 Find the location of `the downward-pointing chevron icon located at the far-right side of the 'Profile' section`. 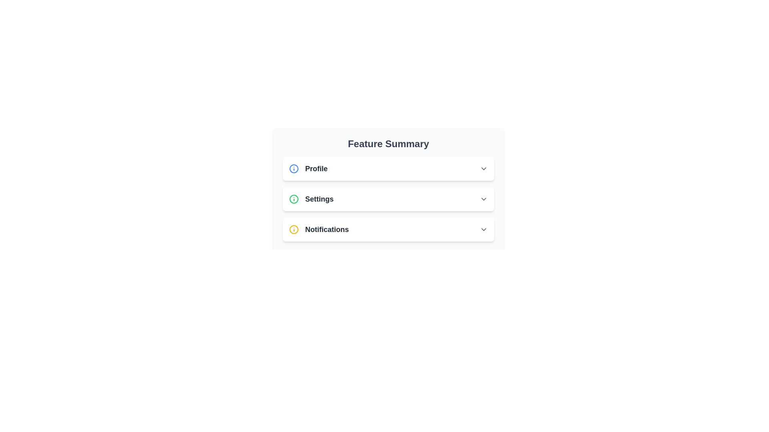

the downward-pointing chevron icon located at the far-right side of the 'Profile' section is located at coordinates (483, 168).